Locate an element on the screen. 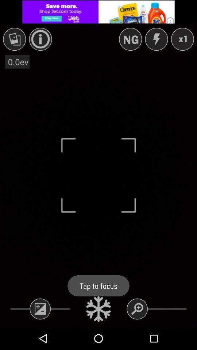 Image resolution: width=197 pixels, height=350 pixels. the info icon is located at coordinates (40, 39).